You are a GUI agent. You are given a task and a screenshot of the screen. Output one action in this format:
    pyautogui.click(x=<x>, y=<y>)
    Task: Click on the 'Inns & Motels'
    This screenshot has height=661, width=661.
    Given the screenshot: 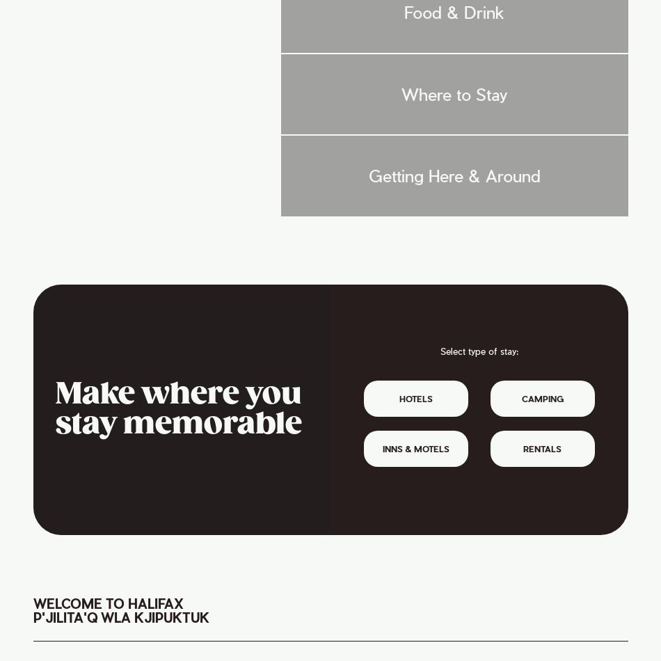 What is the action you would take?
    pyautogui.click(x=415, y=448)
    